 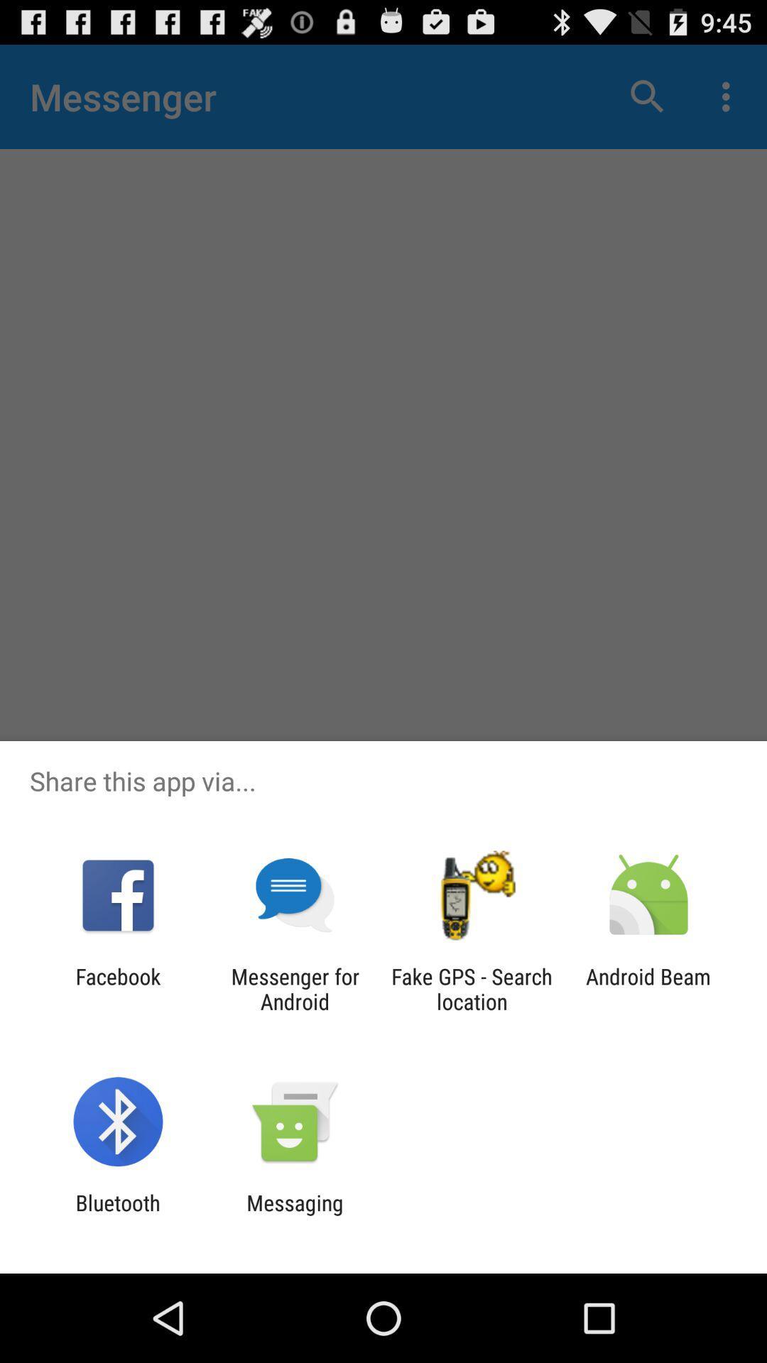 I want to click on app next to the fake gps search app, so click(x=648, y=988).